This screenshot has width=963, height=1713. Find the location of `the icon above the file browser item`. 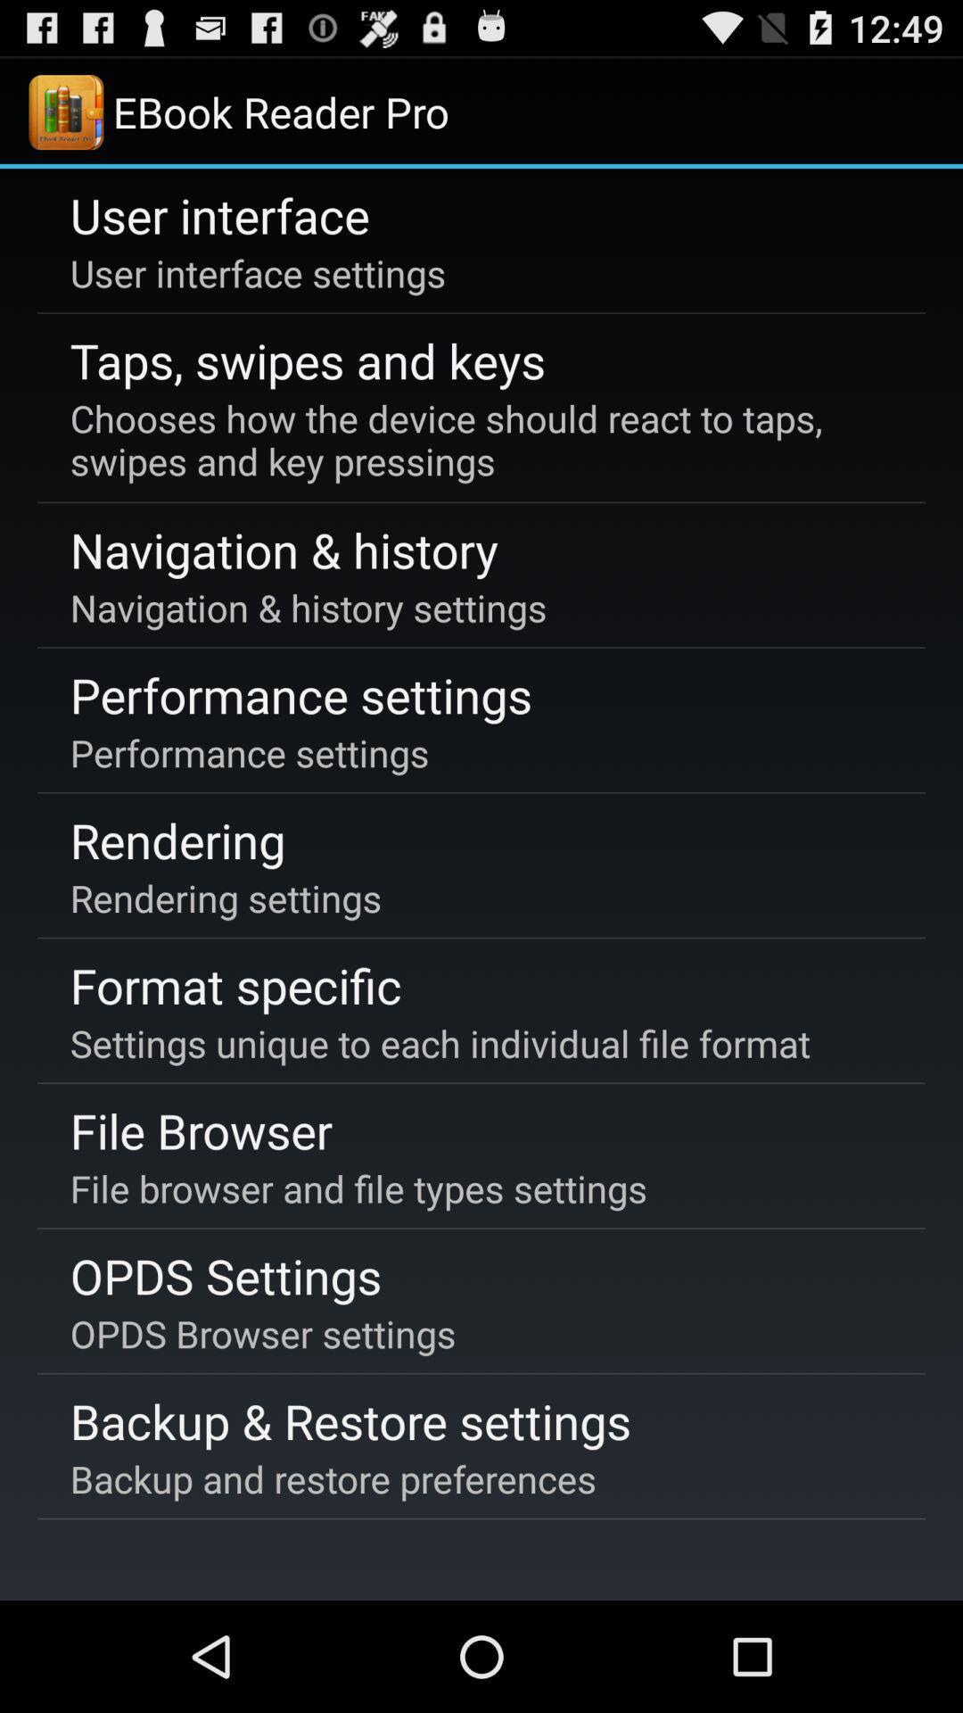

the icon above the file browser item is located at coordinates (440, 1043).